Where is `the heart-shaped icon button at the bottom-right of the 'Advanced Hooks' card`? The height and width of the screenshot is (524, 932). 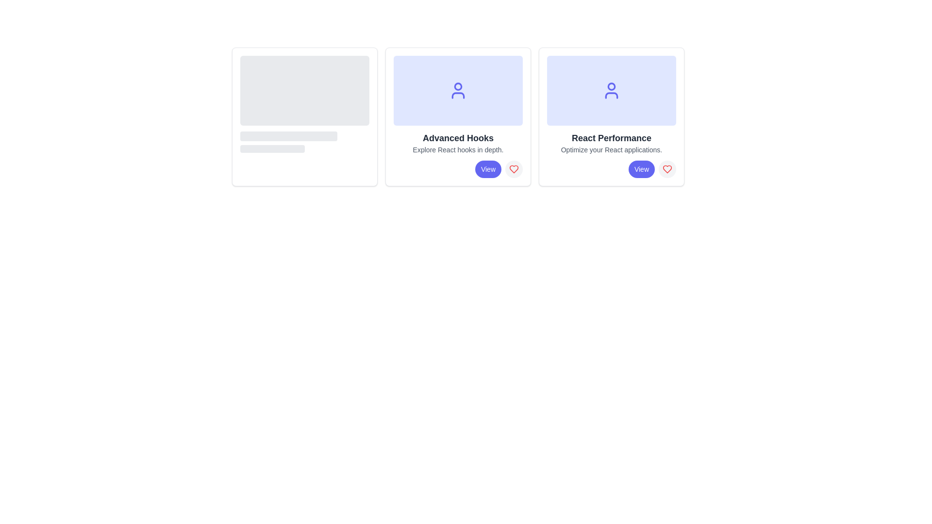
the heart-shaped icon button at the bottom-right of the 'Advanced Hooks' card is located at coordinates (514, 168).